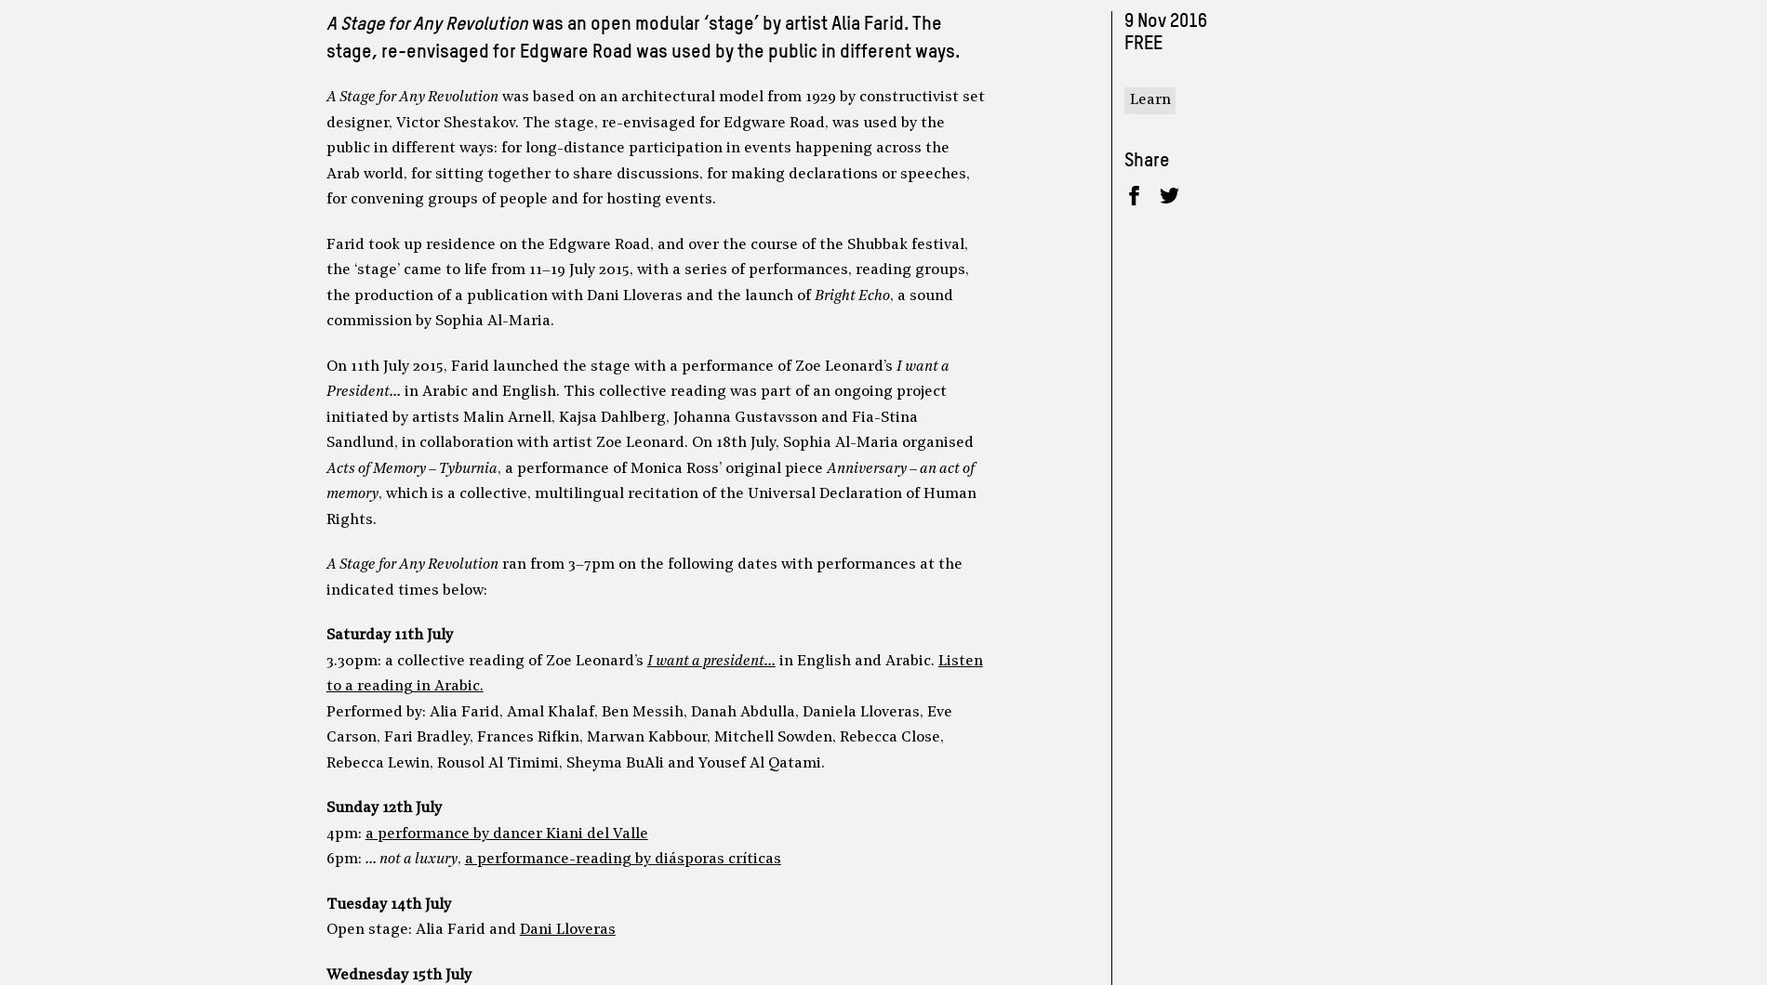 Image resolution: width=1767 pixels, height=985 pixels. Describe the element at coordinates (1163, 21) in the screenshot. I see `'9 Nov 2016'` at that location.